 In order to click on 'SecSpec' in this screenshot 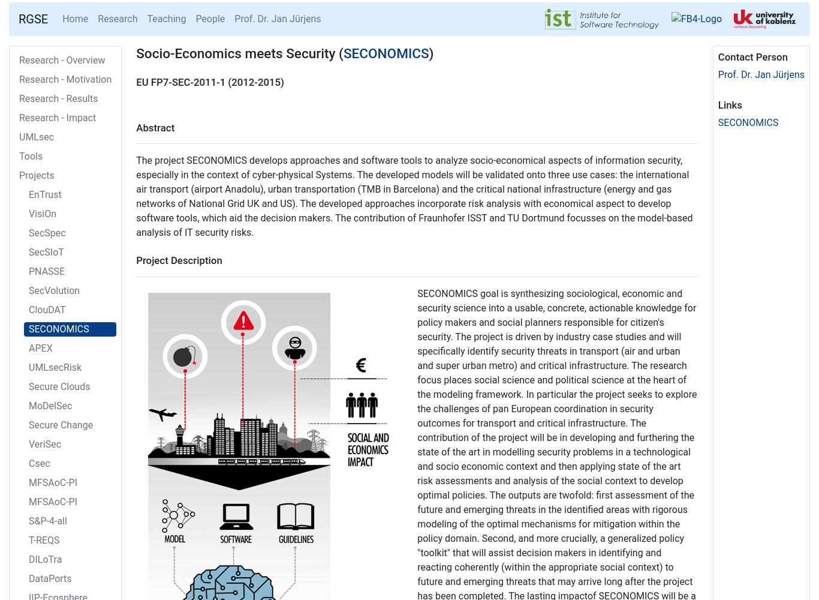, I will do `click(28, 233)`.